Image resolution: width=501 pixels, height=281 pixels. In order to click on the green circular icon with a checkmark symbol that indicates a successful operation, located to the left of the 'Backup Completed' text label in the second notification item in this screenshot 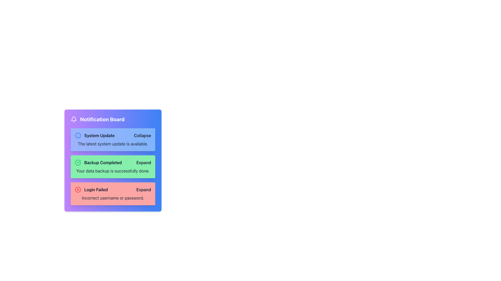, I will do `click(77, 162)`.